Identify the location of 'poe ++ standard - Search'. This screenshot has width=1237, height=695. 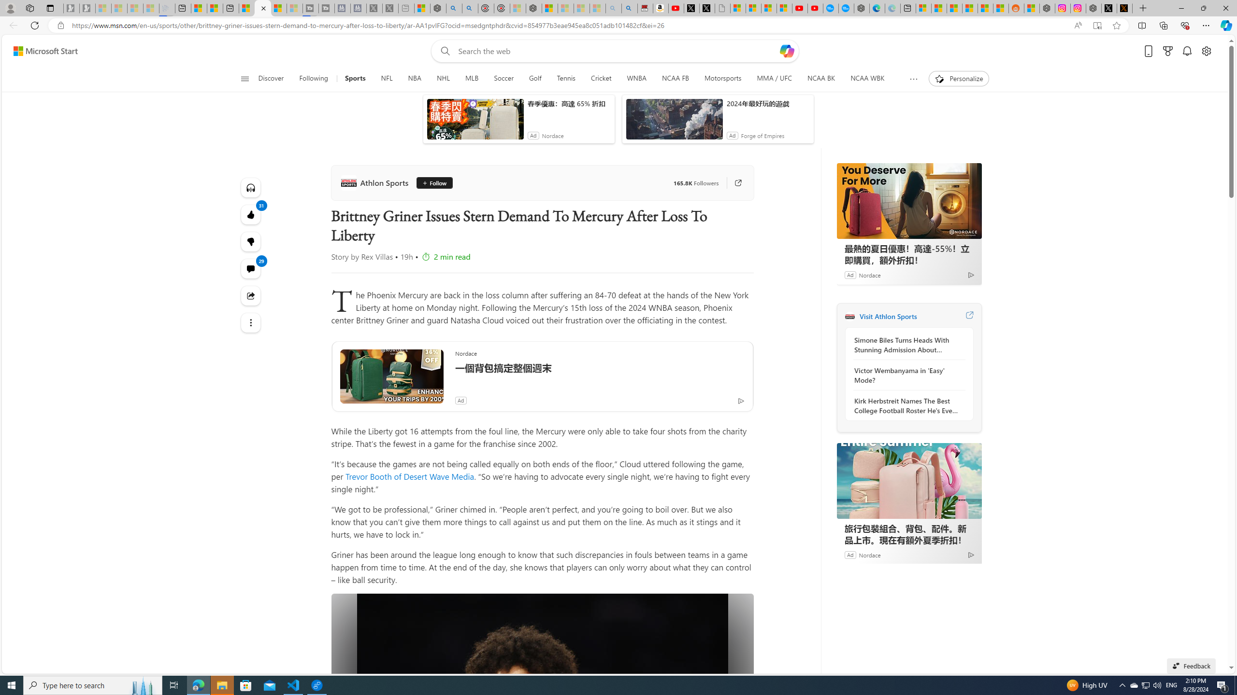
(469, 8).